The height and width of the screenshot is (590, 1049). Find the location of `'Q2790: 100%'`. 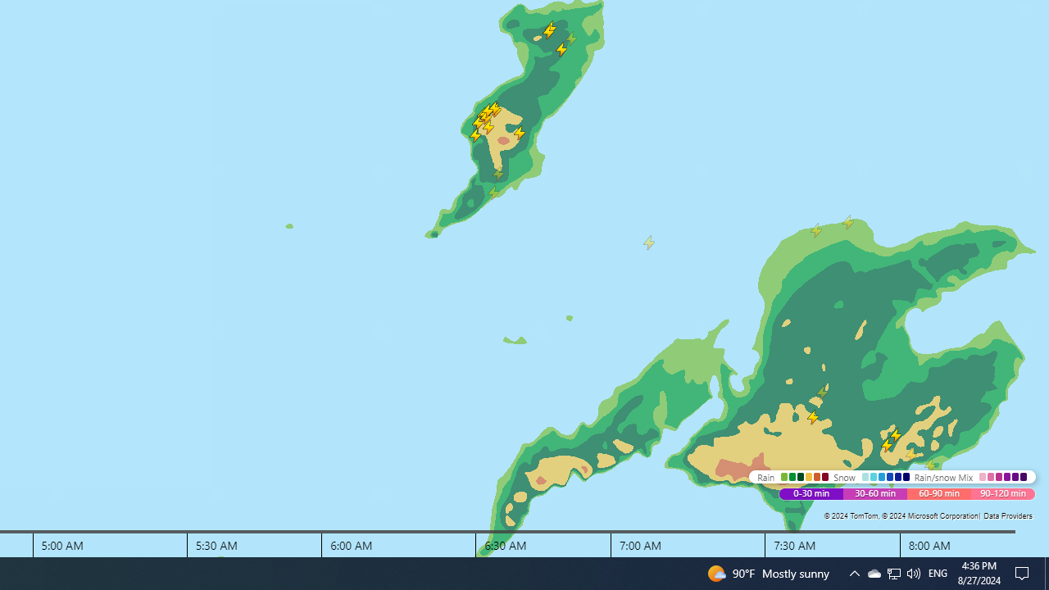

'Q2790: 100%' is located at coordinates (938, 572).